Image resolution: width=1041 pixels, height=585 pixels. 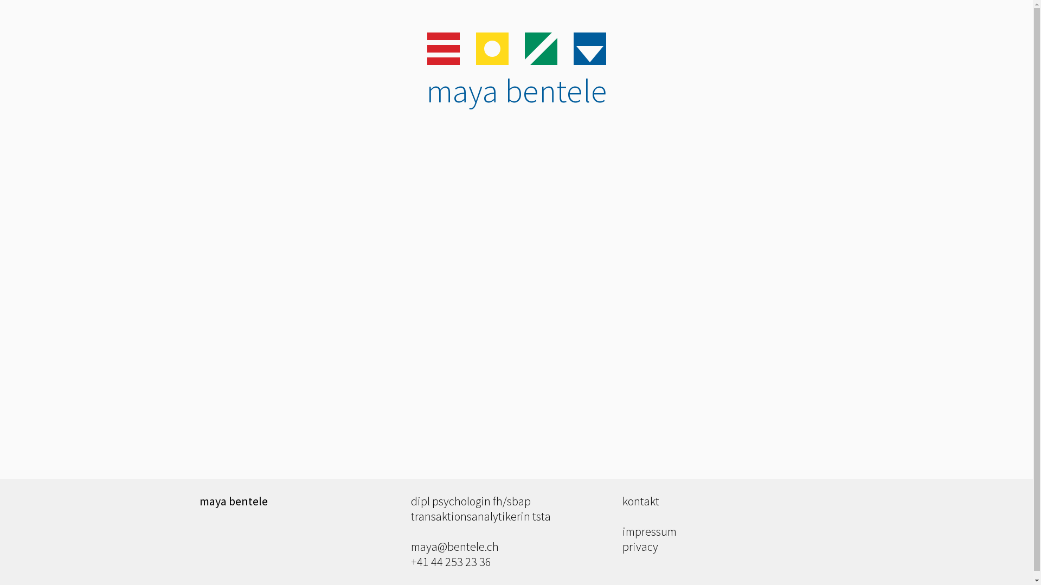 What do you see at coordinates (622, 530) in the screenshot?
I see `'impressum'` at bounding box center [622, 530].